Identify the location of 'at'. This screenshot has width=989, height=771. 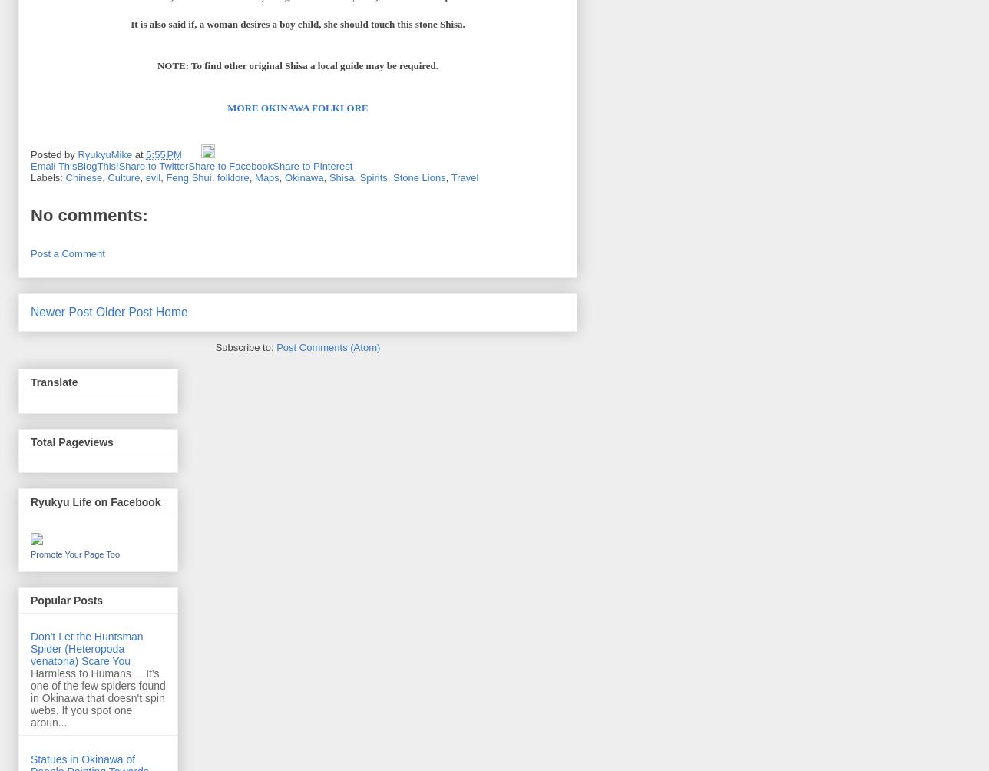
(140, 153).